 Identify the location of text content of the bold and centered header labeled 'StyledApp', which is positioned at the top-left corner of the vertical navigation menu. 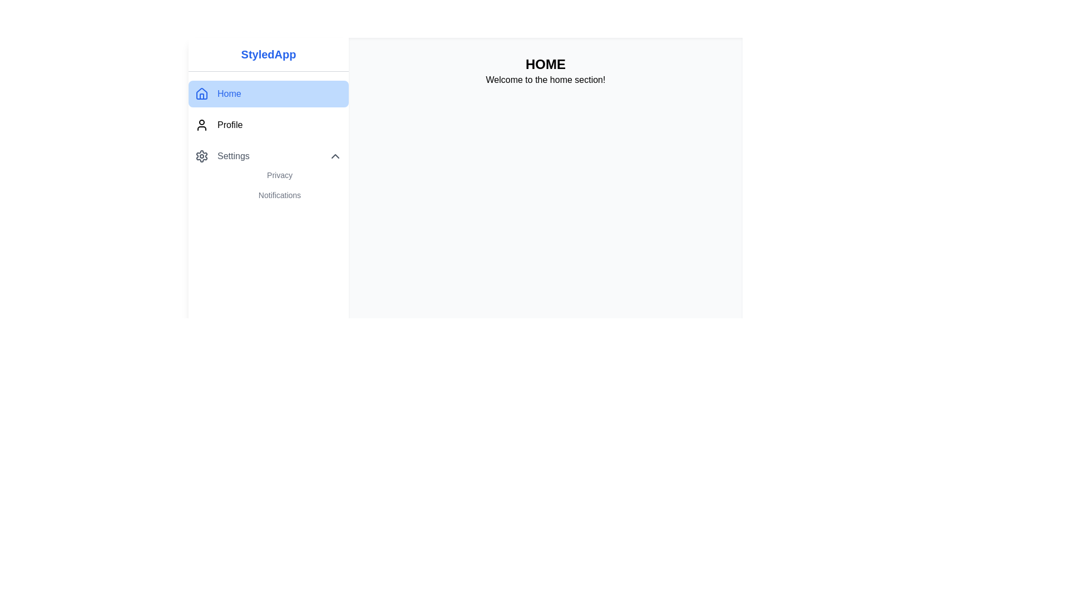
(269, 55).